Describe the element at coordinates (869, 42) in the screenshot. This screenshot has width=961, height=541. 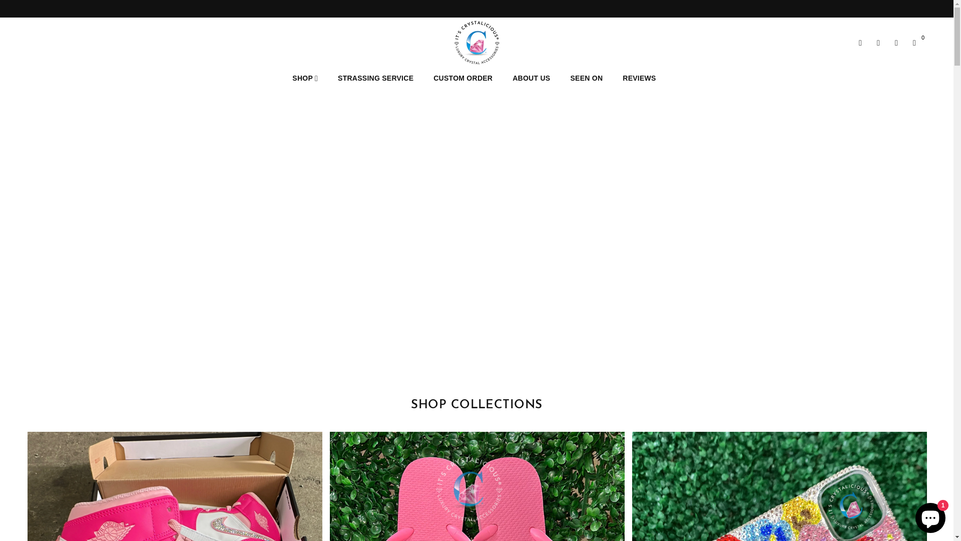
I see `'Settings'` at that location.